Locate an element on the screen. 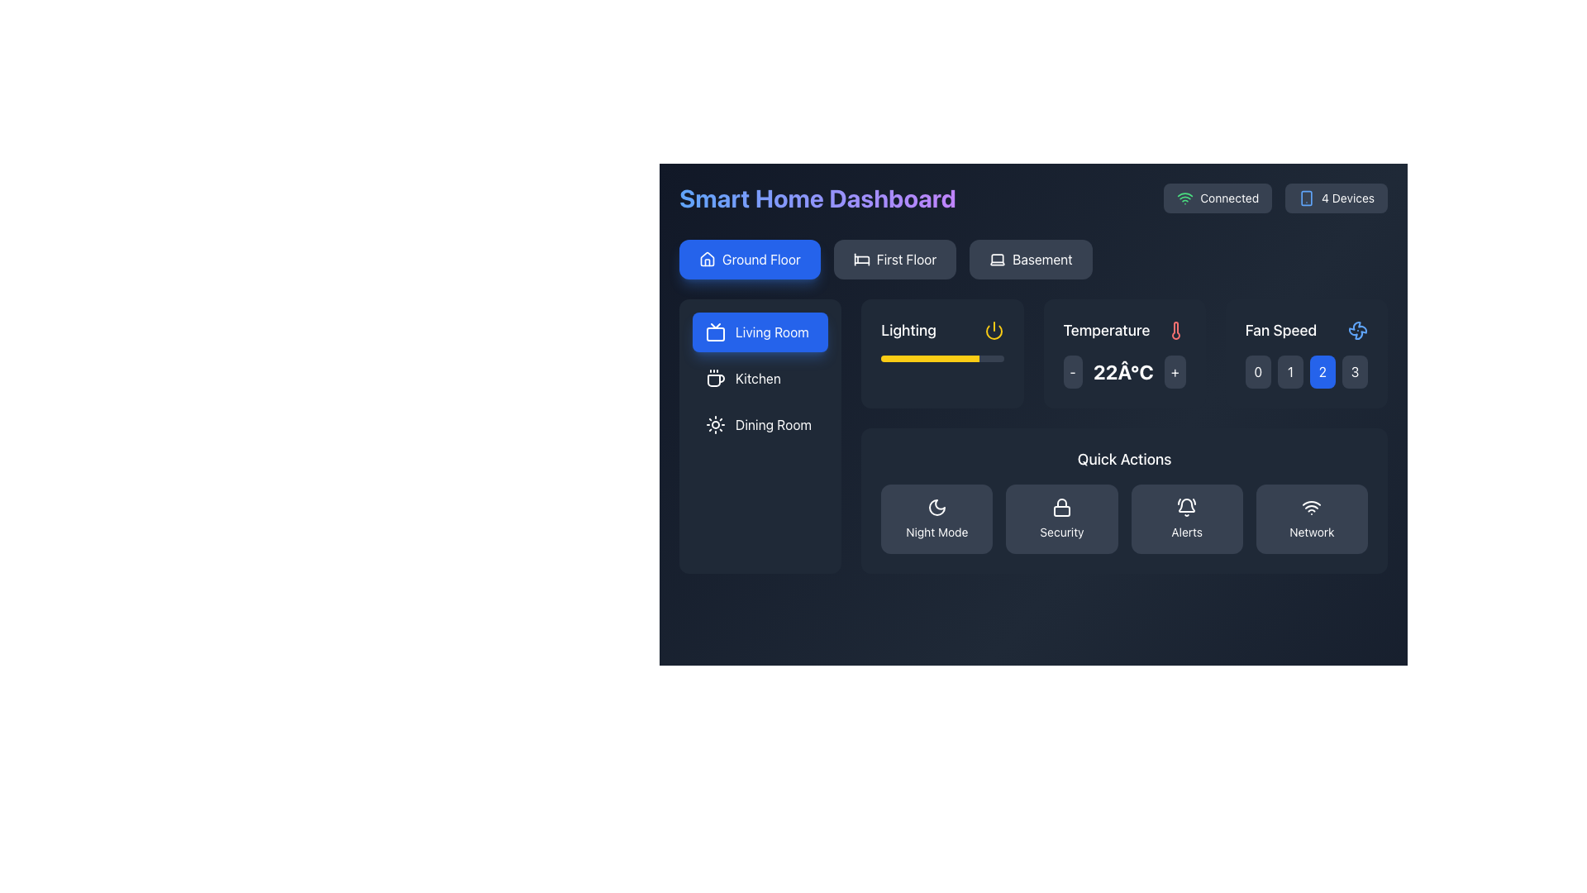  the lock icon in the 'Quick Actions' section of the dashboard, which is located directly above the 'Security' label and is the second icon from the left is located at coordinates (1062, 506).